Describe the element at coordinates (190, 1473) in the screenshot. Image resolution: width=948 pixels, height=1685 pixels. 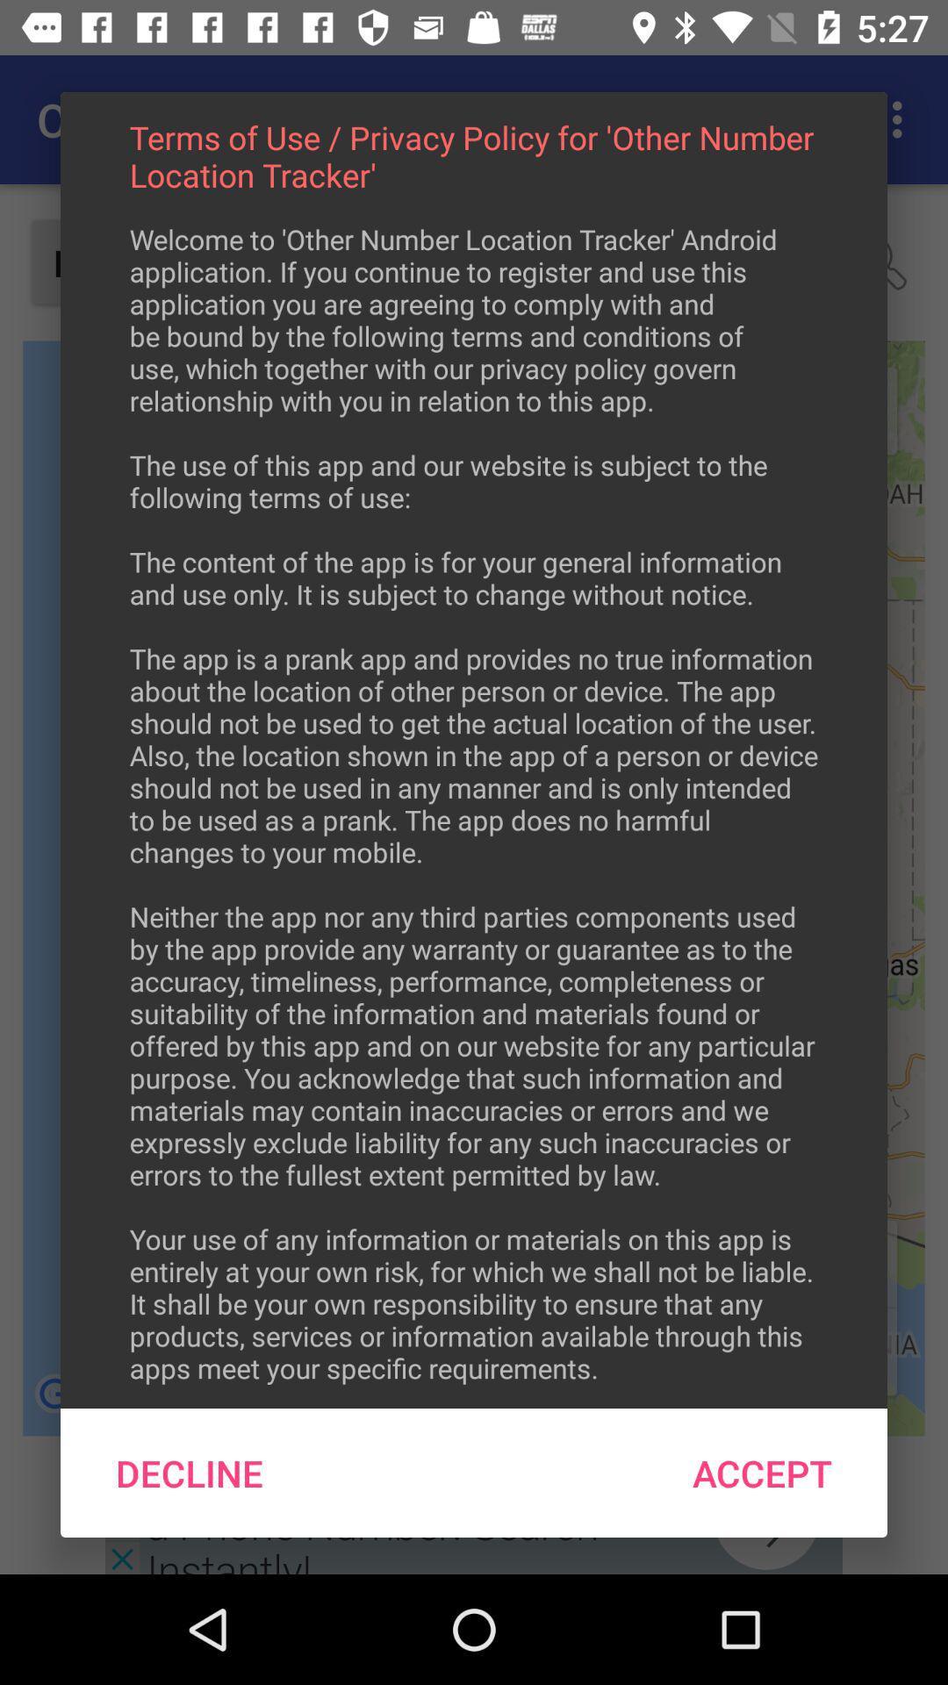
I see `the item to the left of the accept icon` at that location.